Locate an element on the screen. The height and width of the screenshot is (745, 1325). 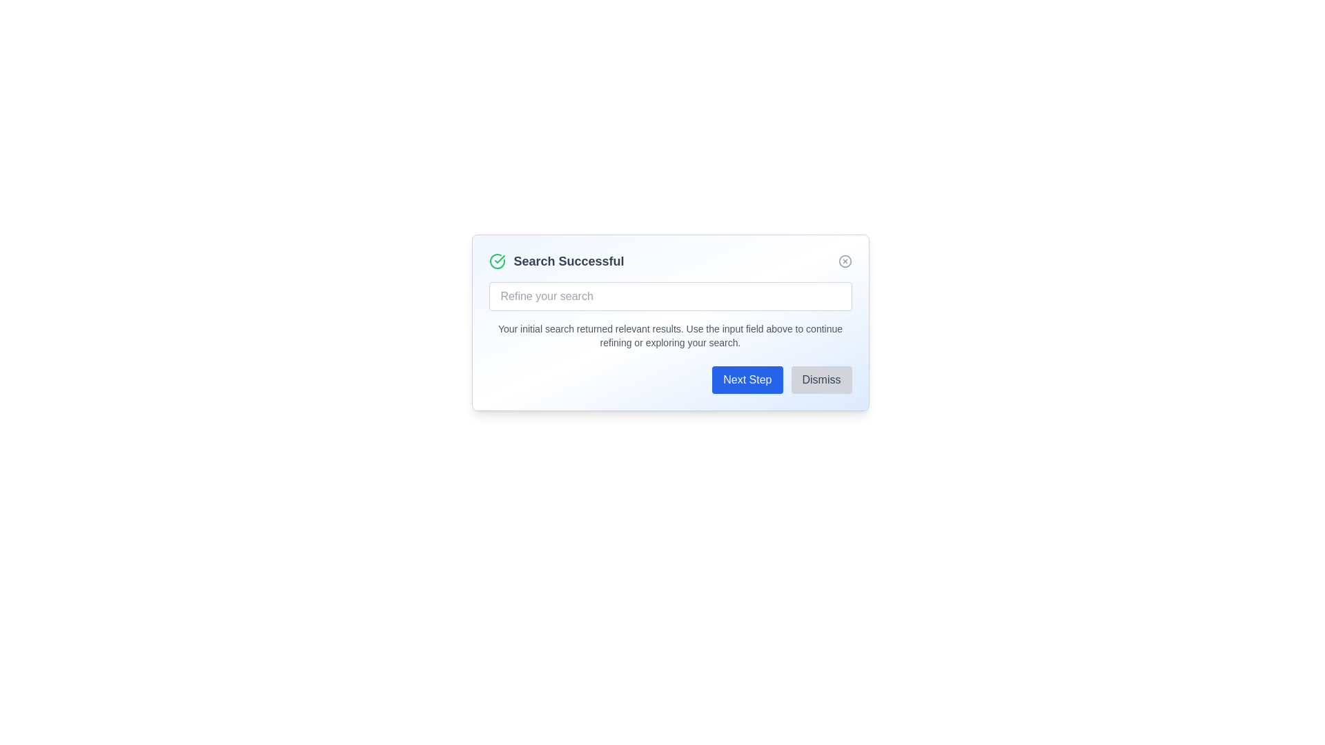
the input field and type the desired text is located at coordinates (670, 295).